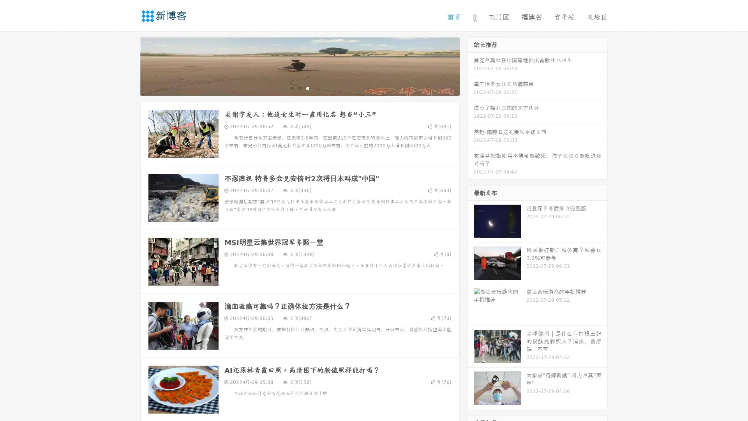 This screenshot has width=748, height=421. I want to click on Go to slide 2, so click(299, 88).